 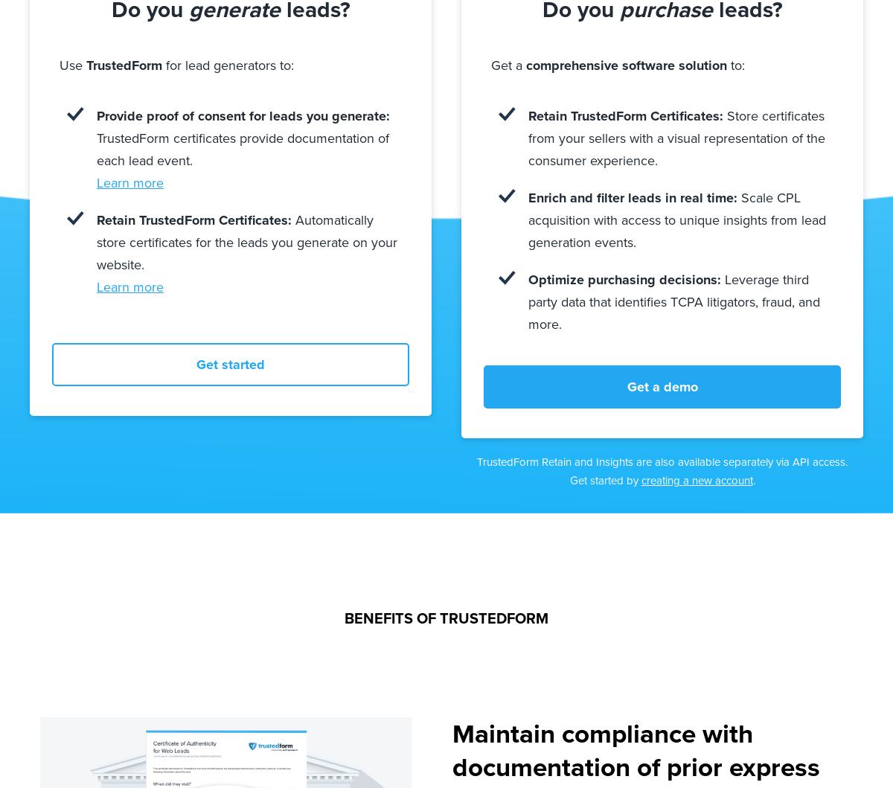 I want to click on 'Get a', so click(x=508, y=65).